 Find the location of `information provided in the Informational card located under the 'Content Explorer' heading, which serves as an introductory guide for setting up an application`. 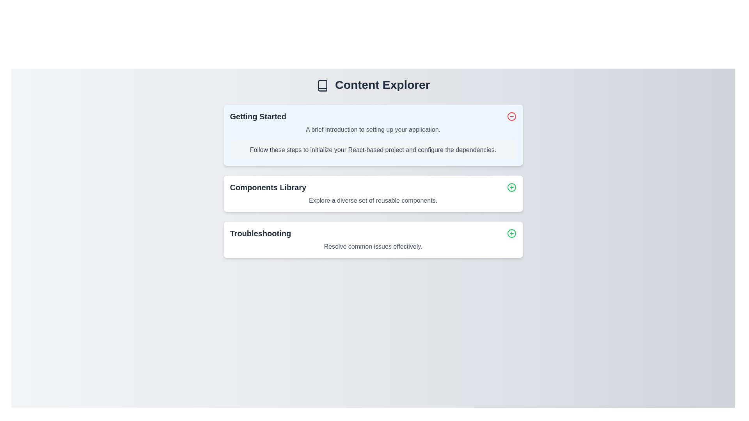

information provided in the Informational card located under the 'Content Explorer' heading, which serves as an introductory guide for setting up an application is located at coordinates (373, 135).